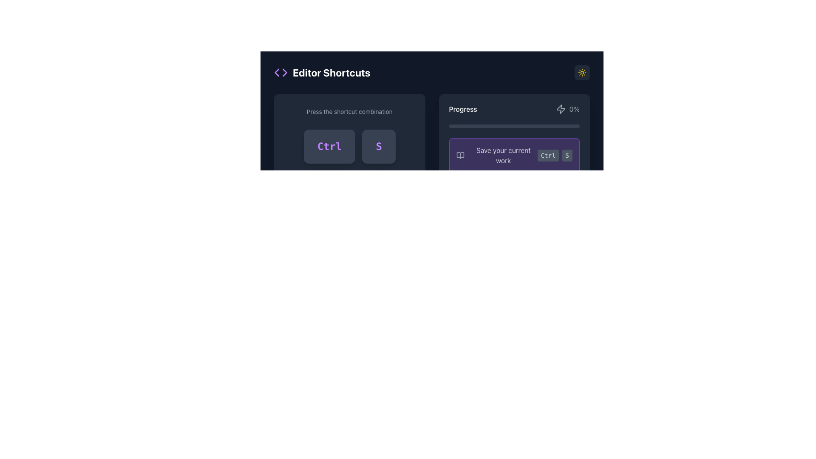 The width and height of the screenshot is (816, 459). Describe the element at coordinates (561, 109) in the screenshot. I see `the lightning bolt icon located in the top-right corner of the highlighted region, next to the 'Progress' label` at that location.